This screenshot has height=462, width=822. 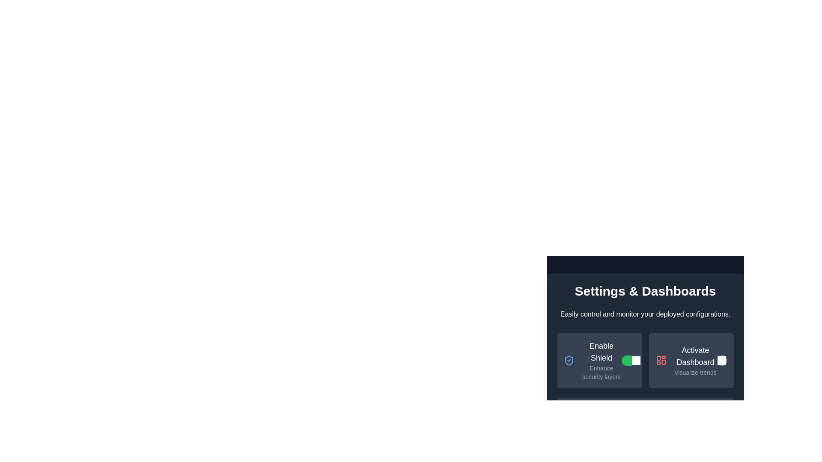 I want to click on the shield-check icon located in the 'Enable Shield' section, near the descriptive text 'Enhance security layers', so click(x=569, y=361).